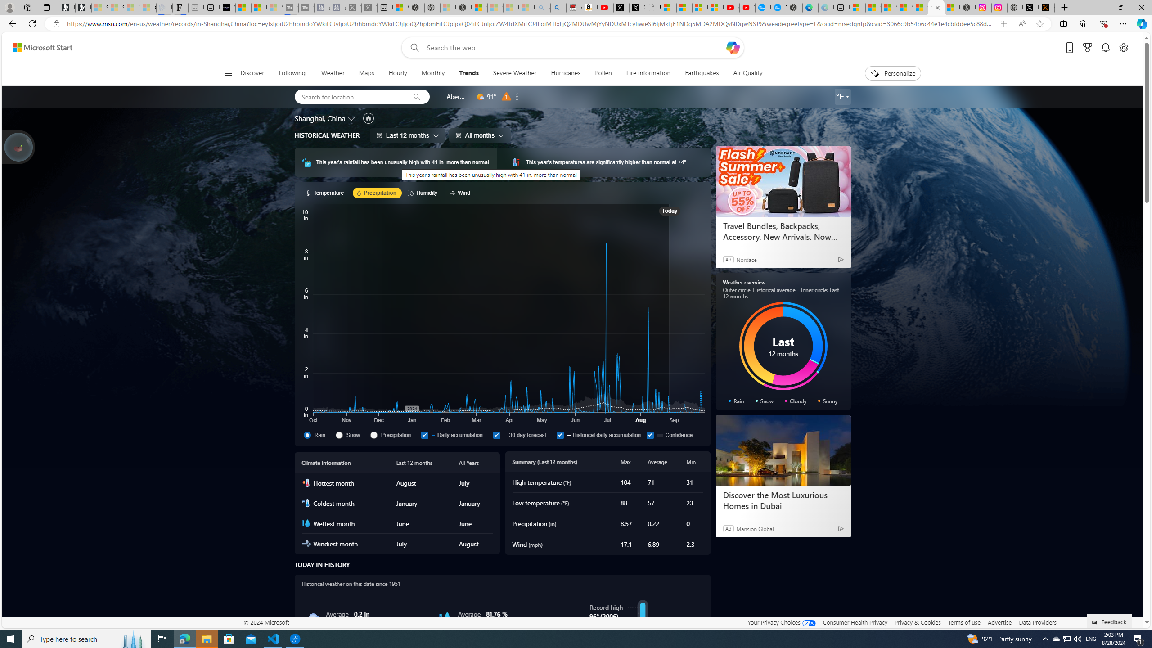 The height and width of the screenshot is (648, 1152). What do you see at coordinates (433, 73) in the screenshot?
I see `'Monthly'` at bounding box center [433, 73].